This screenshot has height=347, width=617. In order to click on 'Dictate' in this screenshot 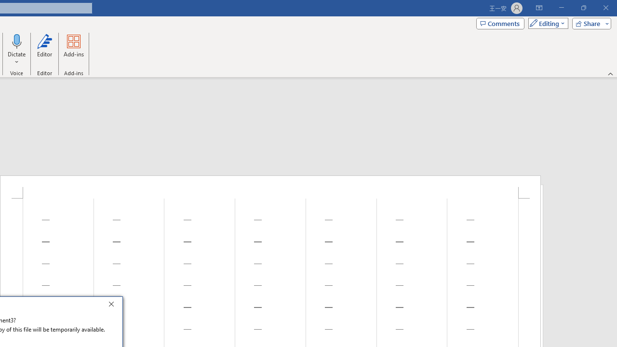, I will do `click(17, 50)`.